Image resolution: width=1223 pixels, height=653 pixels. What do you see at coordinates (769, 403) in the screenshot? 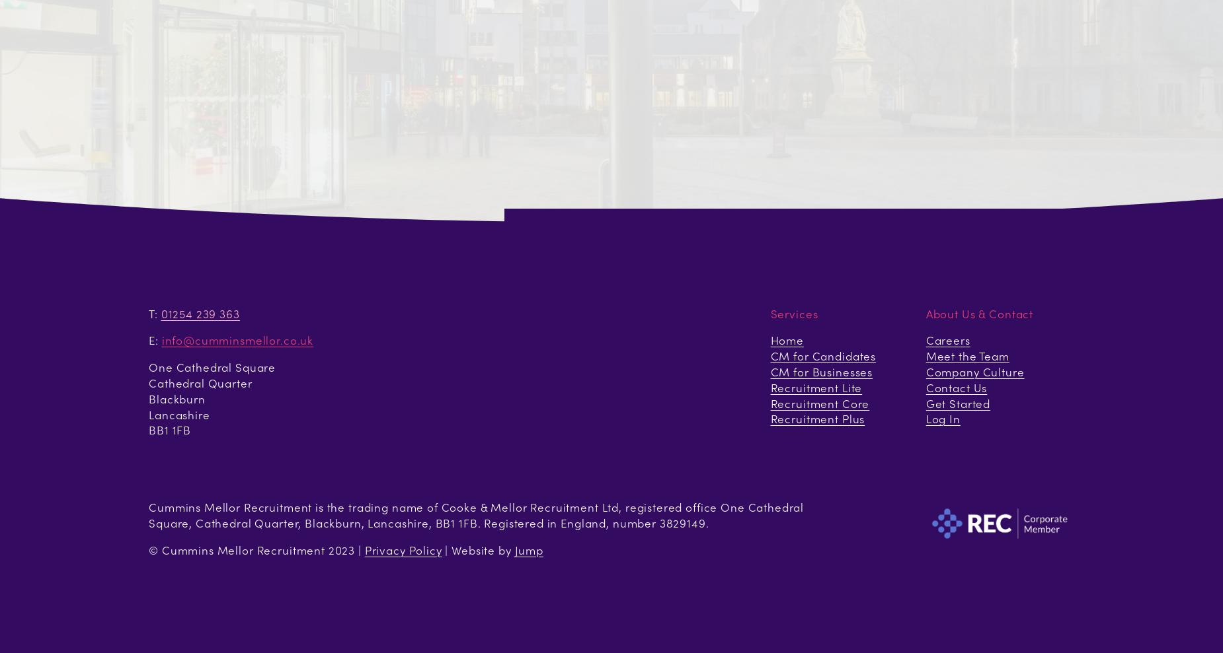
I see `'Recruitment Core'` at bounding box center [769, 403].